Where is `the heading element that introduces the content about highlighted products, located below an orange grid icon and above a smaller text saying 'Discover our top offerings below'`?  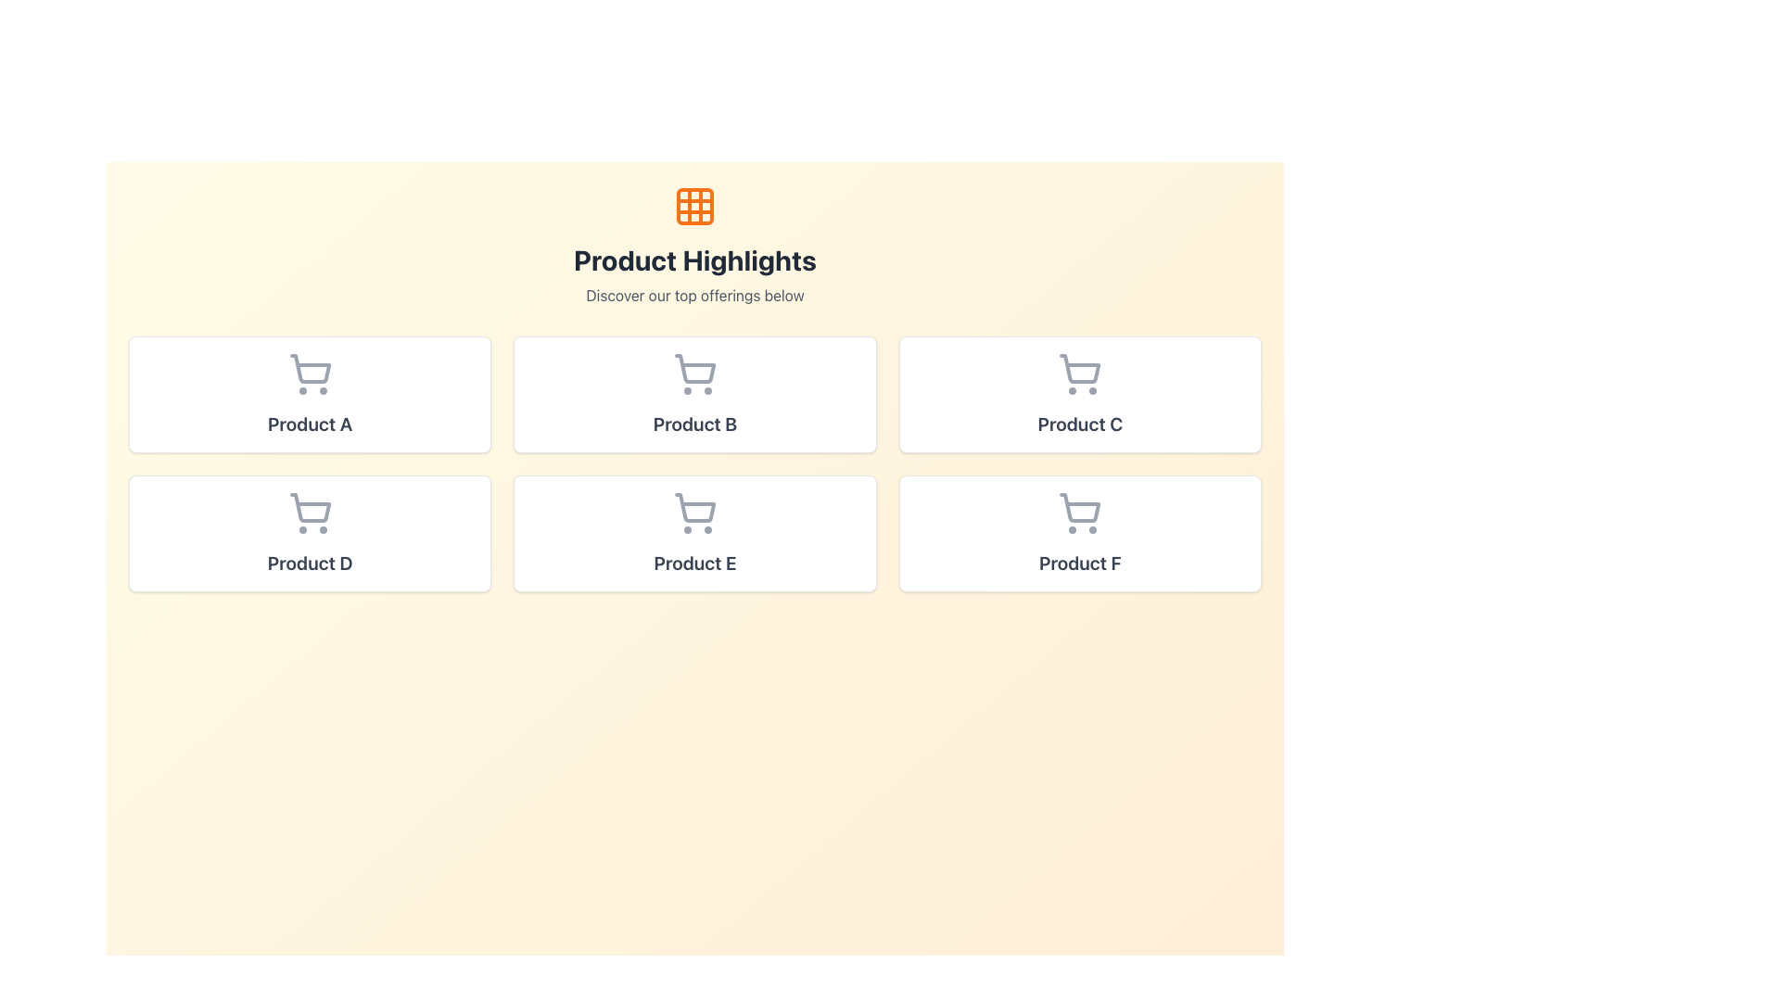 the heading element that introduces the content about highlighted products, located below an orange grid icon and above a smaller text saying 'Discover our top offerings below' is located at coordinates (693, 260).